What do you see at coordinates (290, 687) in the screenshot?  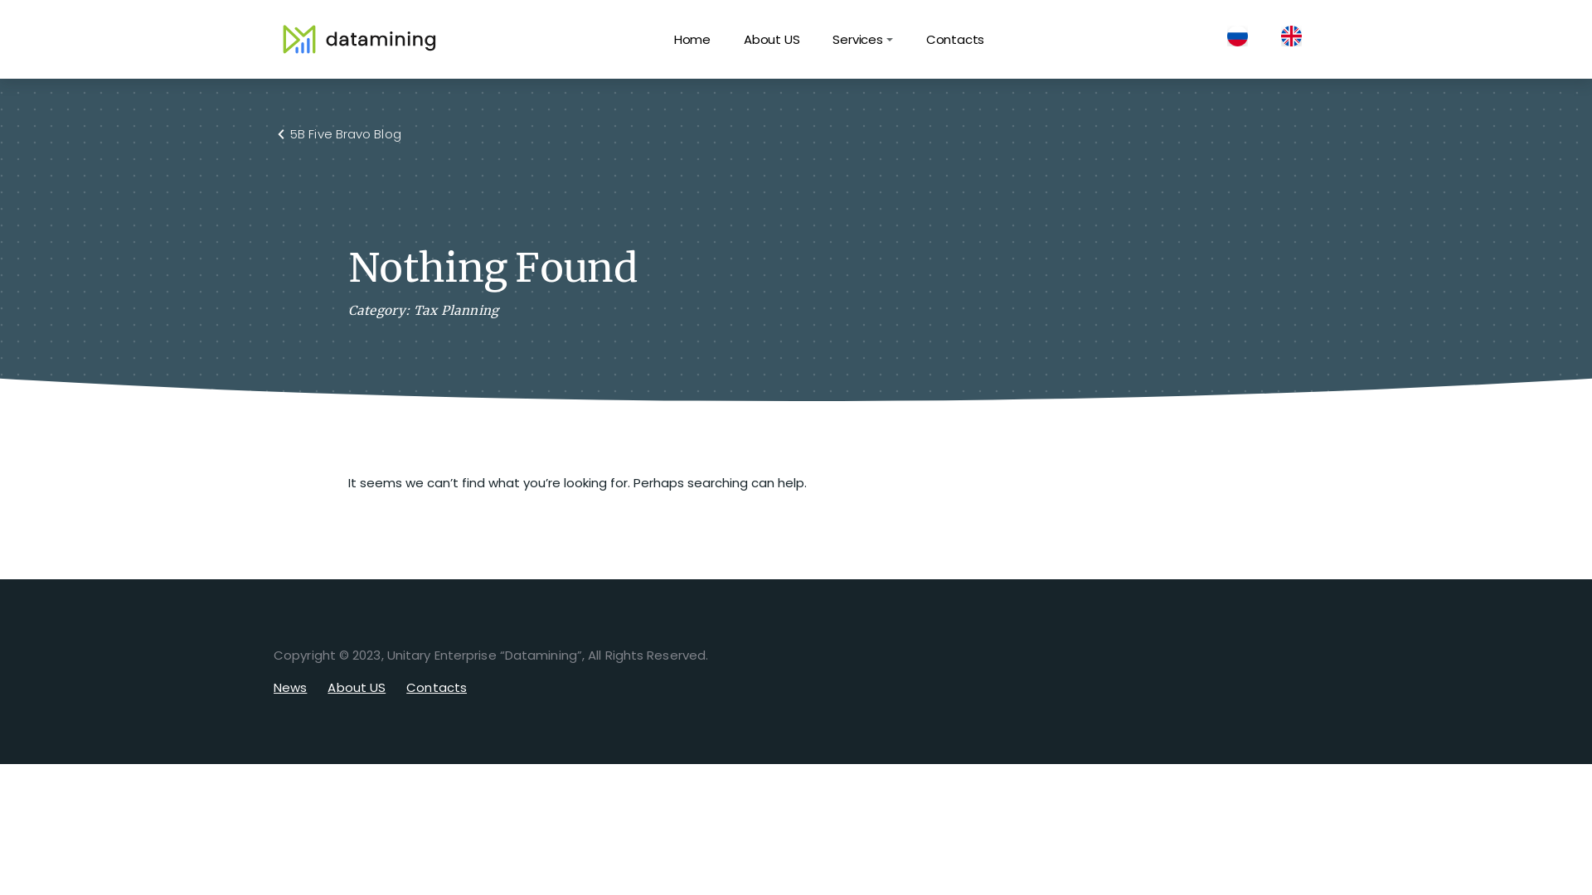 I see `'News'` at bounding box center [290, 687].